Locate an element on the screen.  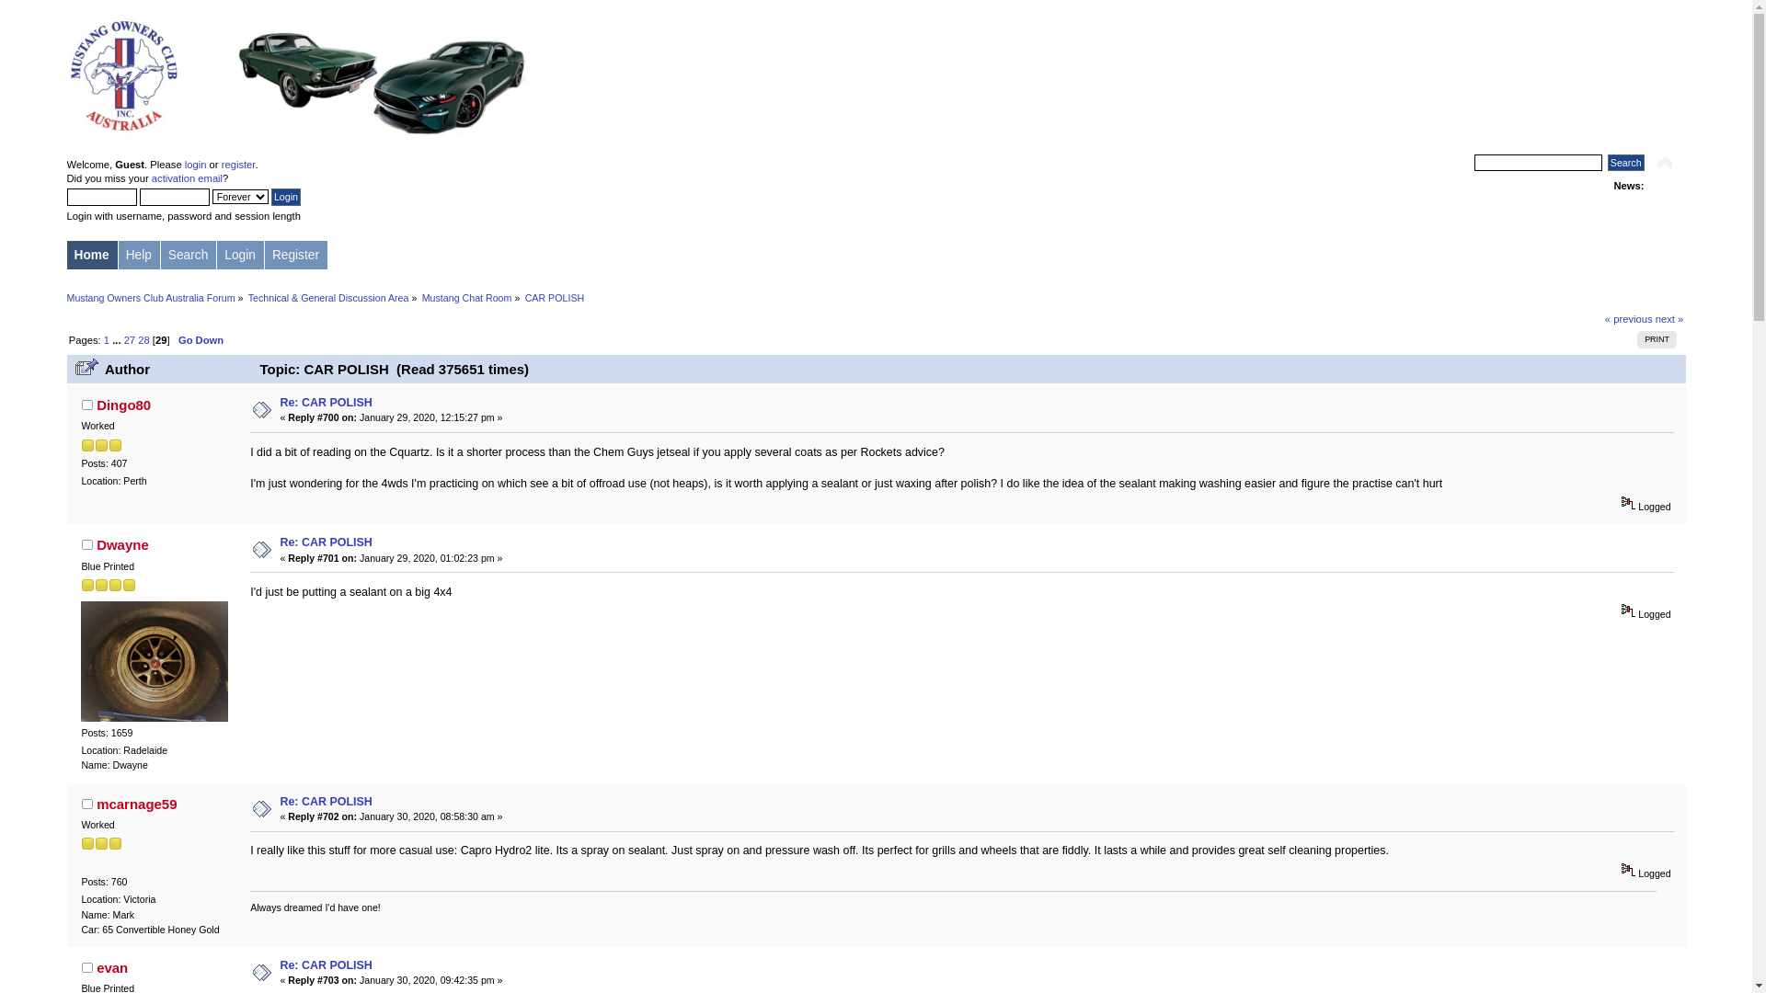
'Re: CAR POLISH' is located at coordinates (326, 800).